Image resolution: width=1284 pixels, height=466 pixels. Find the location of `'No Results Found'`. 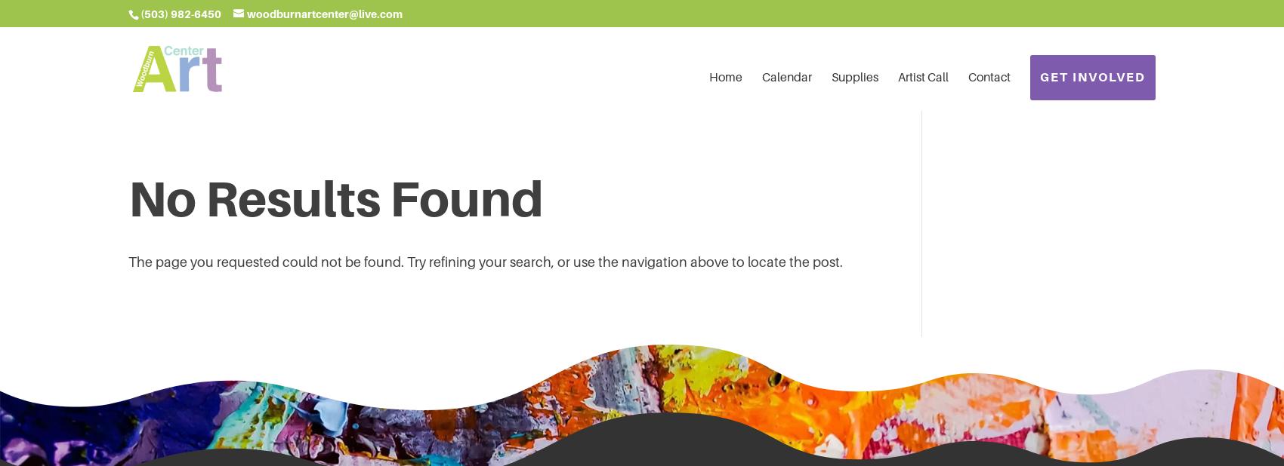

'No Results Found' is located at coordinates (336, 198).